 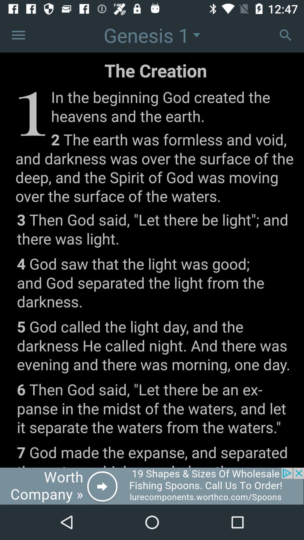 I want to click on zoom in, so click(x=285, y=35).